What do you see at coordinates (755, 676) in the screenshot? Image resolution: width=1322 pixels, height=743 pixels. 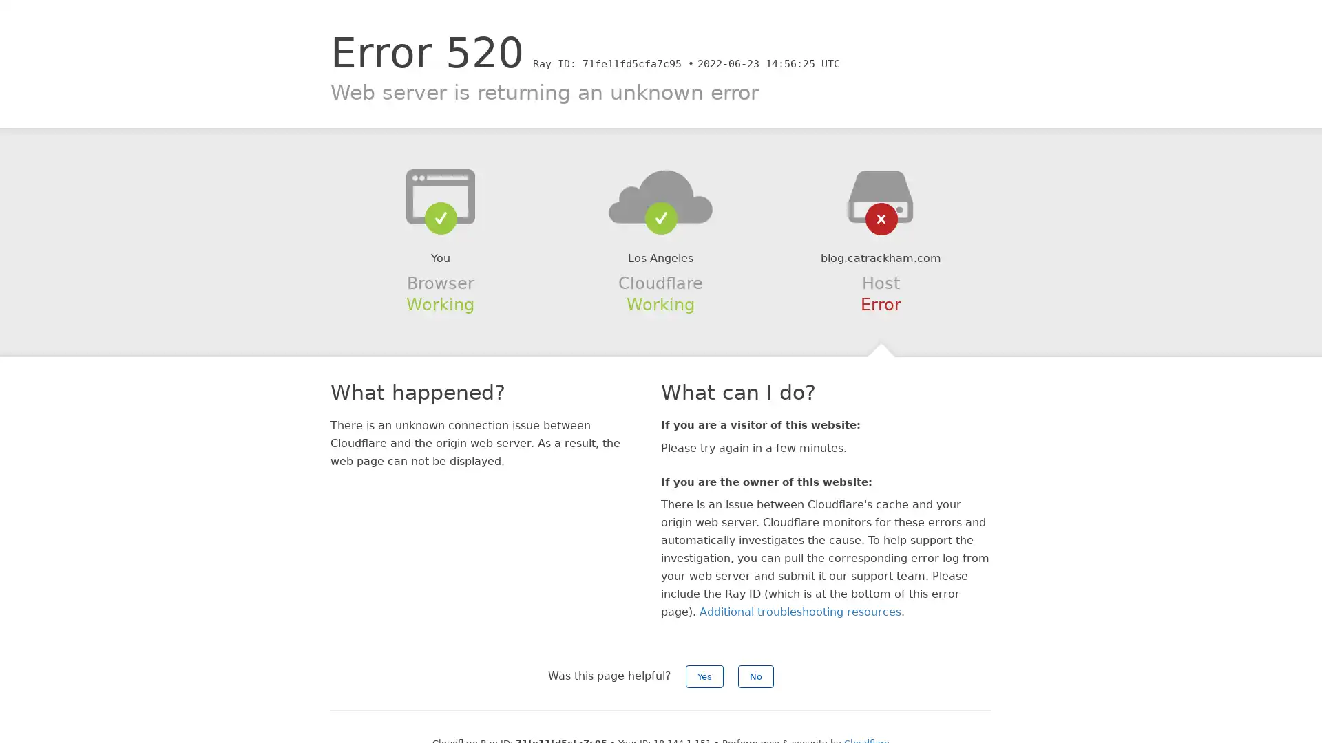 I see `No` at bounding box center [755, 676].